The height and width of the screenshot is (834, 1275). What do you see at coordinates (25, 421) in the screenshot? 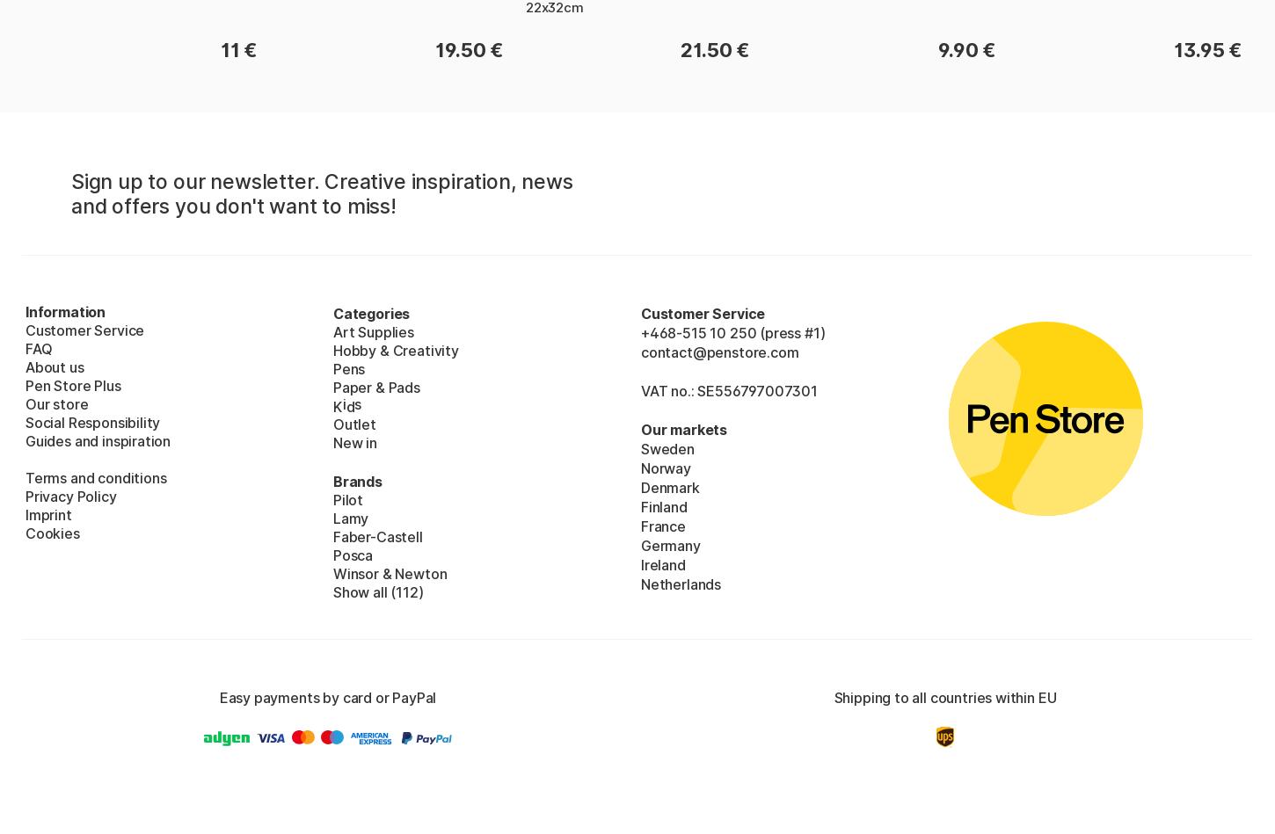
I see `'Social Responsibility'` at bounding box center [25, 421].